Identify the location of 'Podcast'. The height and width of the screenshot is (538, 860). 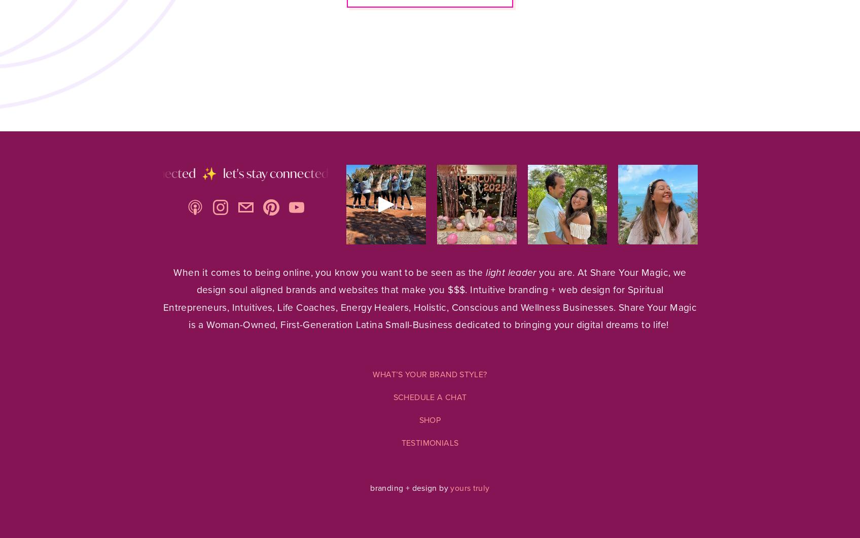
(429, 50).